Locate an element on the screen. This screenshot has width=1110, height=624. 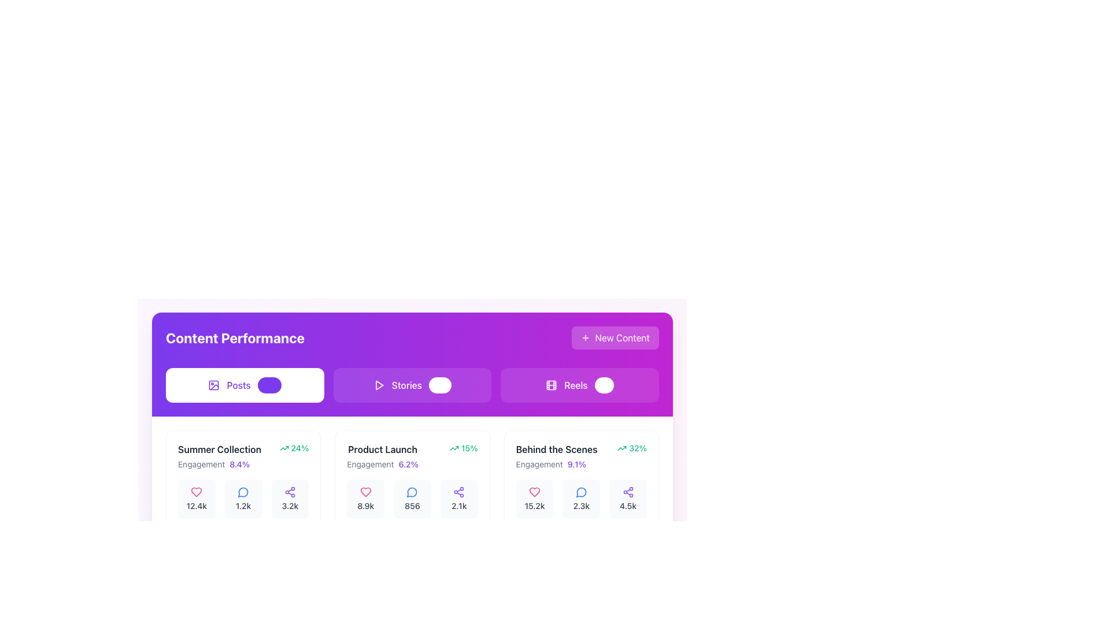
the numeric text element located at the bottom-right corner, directly below the sharing icon, which represents a count or statistic is located at coordinates (290, 505).